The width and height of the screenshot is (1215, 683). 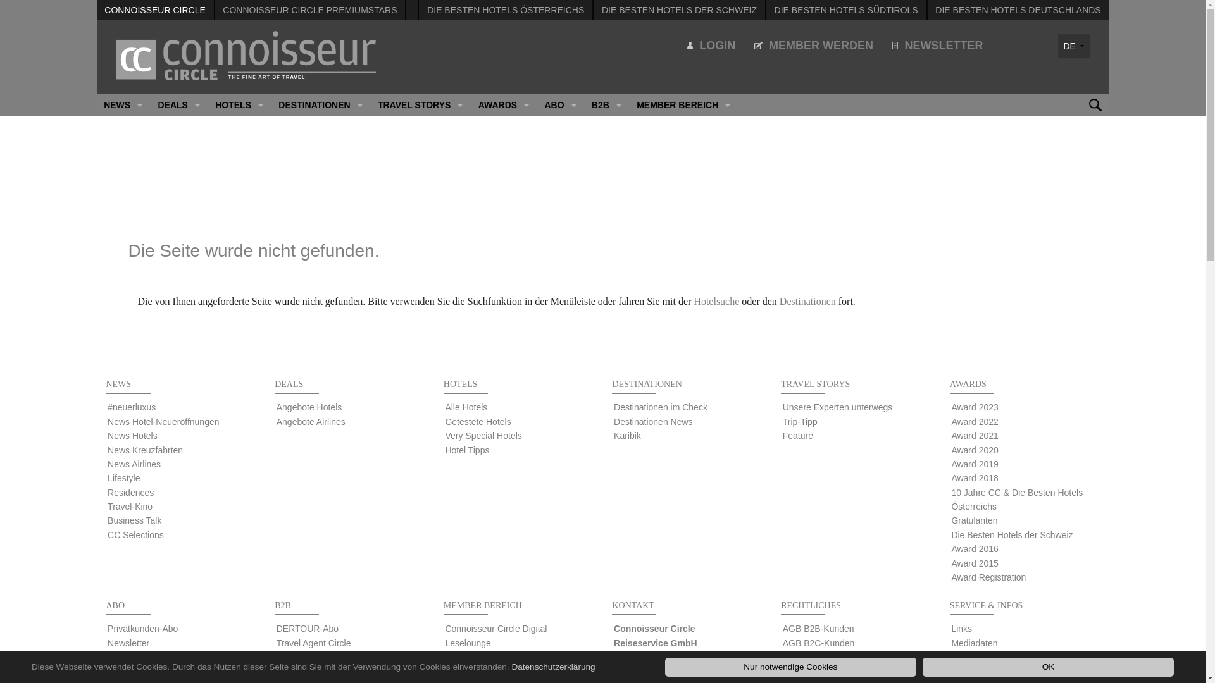 What do you see at coordinates (123, 478) in the screenshot?
I see `'Lifestyle'` at bounding box center [123, 478].